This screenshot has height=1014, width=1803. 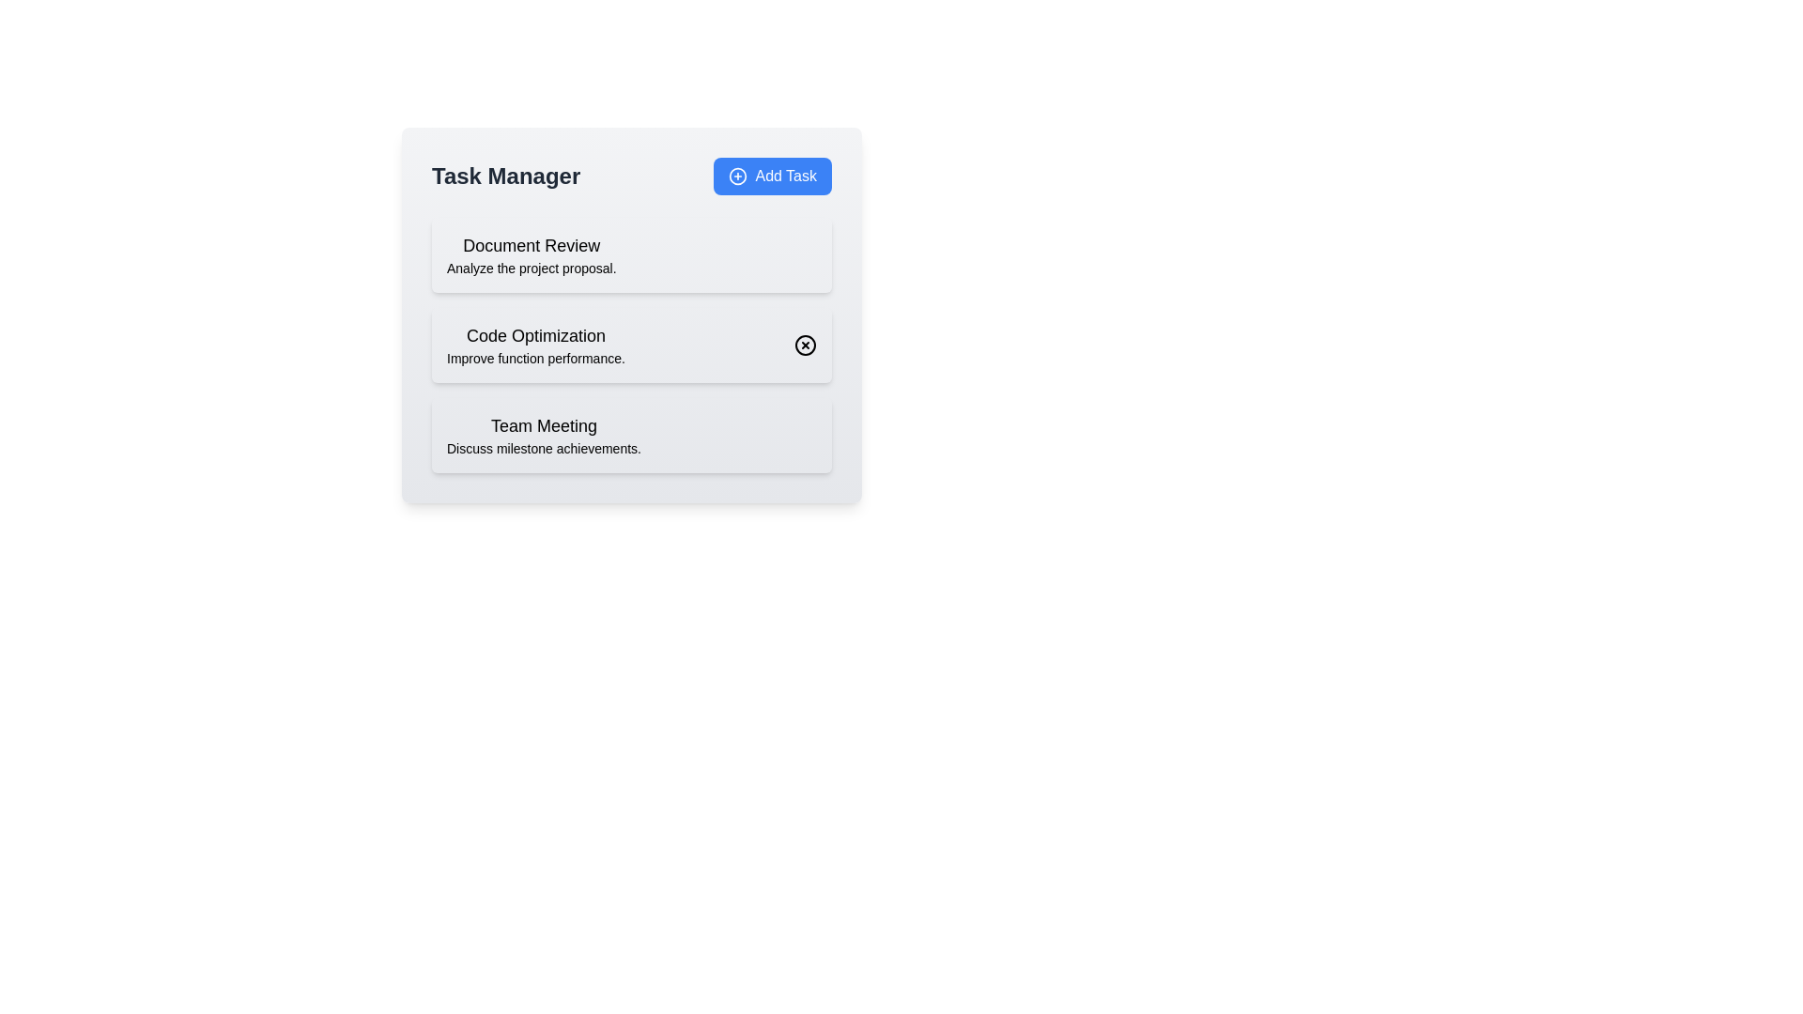 What do you see at coordinates (773, 177) in the screenshot?
I see `'Add Task' button to add a new task` at bounding box center [773, 177].